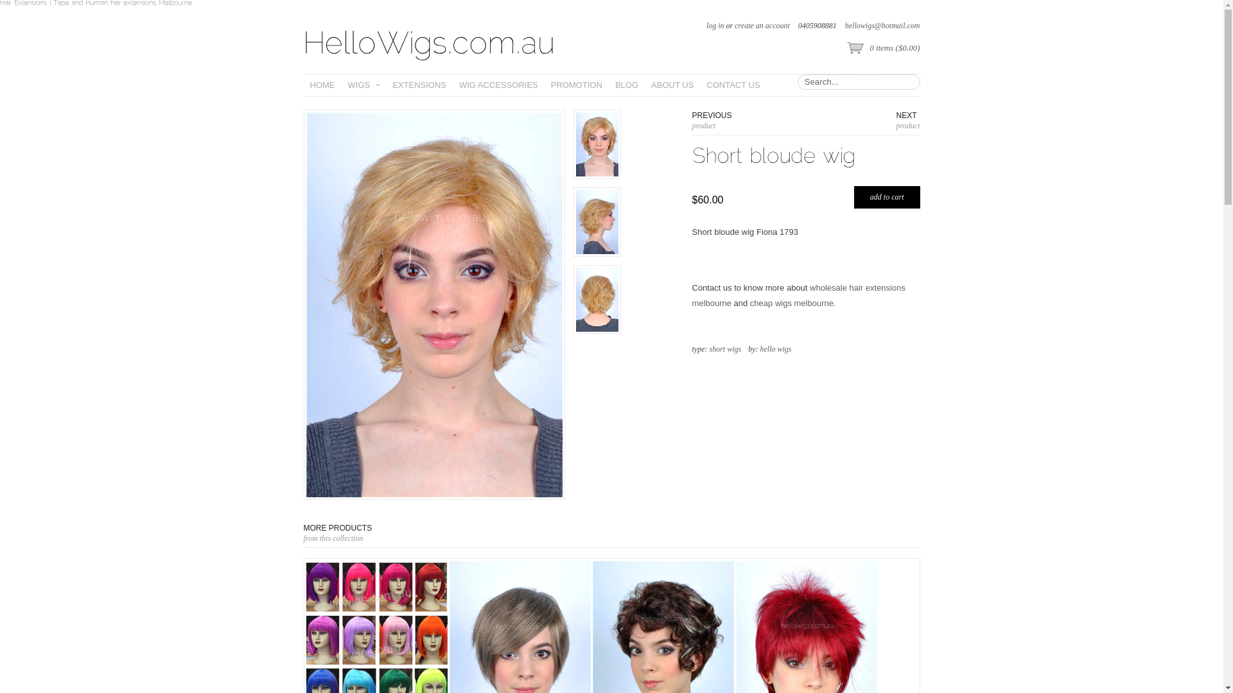 The image size is (1233, 693). What do you see at coordinates (791, 303) in the screenshot?
I see `'cheap wigs melbourne'` at bounding box center [791, 303].